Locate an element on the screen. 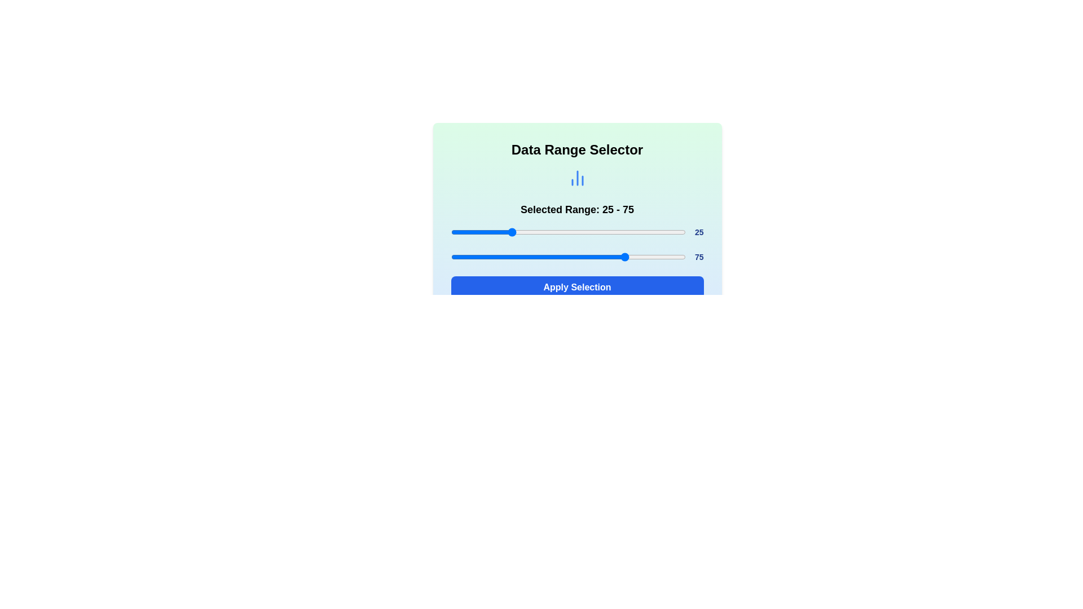 The image size is (1083, 609). the slider to set its value to 15 is located at coordinates (486, 232).